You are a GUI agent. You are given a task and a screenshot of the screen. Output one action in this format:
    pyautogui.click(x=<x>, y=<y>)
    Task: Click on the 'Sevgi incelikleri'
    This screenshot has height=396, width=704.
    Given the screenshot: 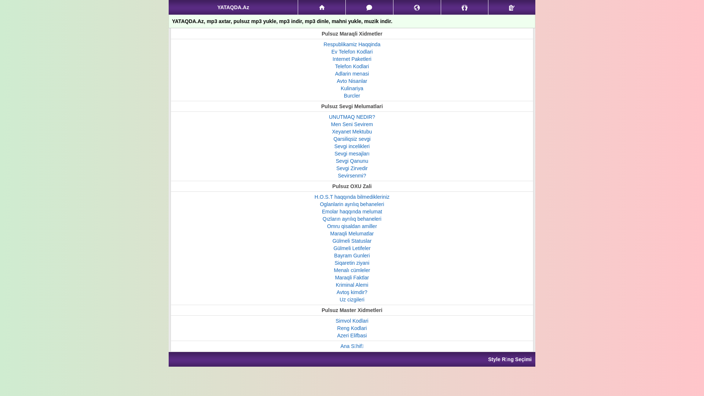 What is the action you would take?
    pyautogui.click(x=334, y=146)
    